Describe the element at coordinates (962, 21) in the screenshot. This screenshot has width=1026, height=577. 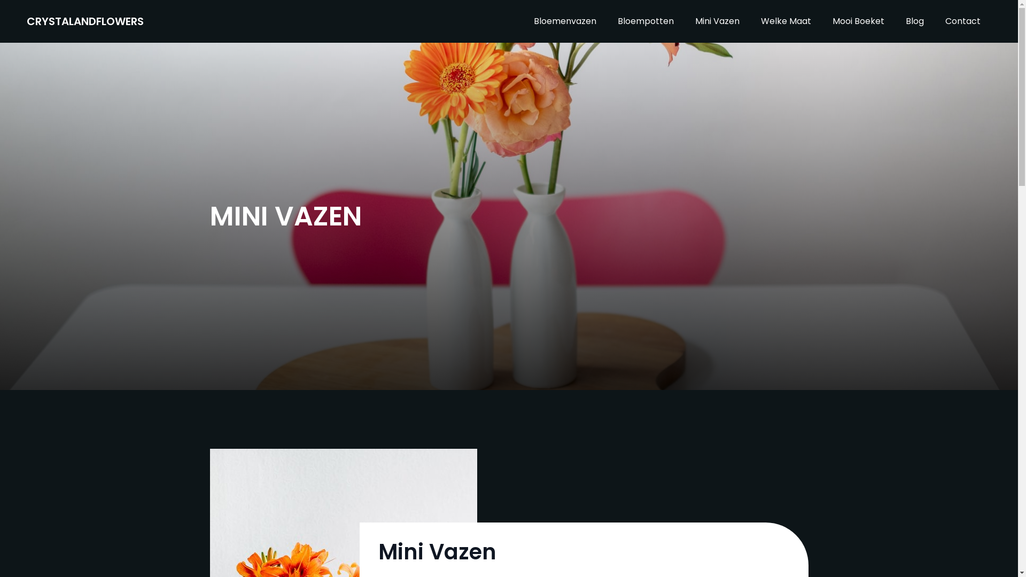
I see `'Contact'` at that location.